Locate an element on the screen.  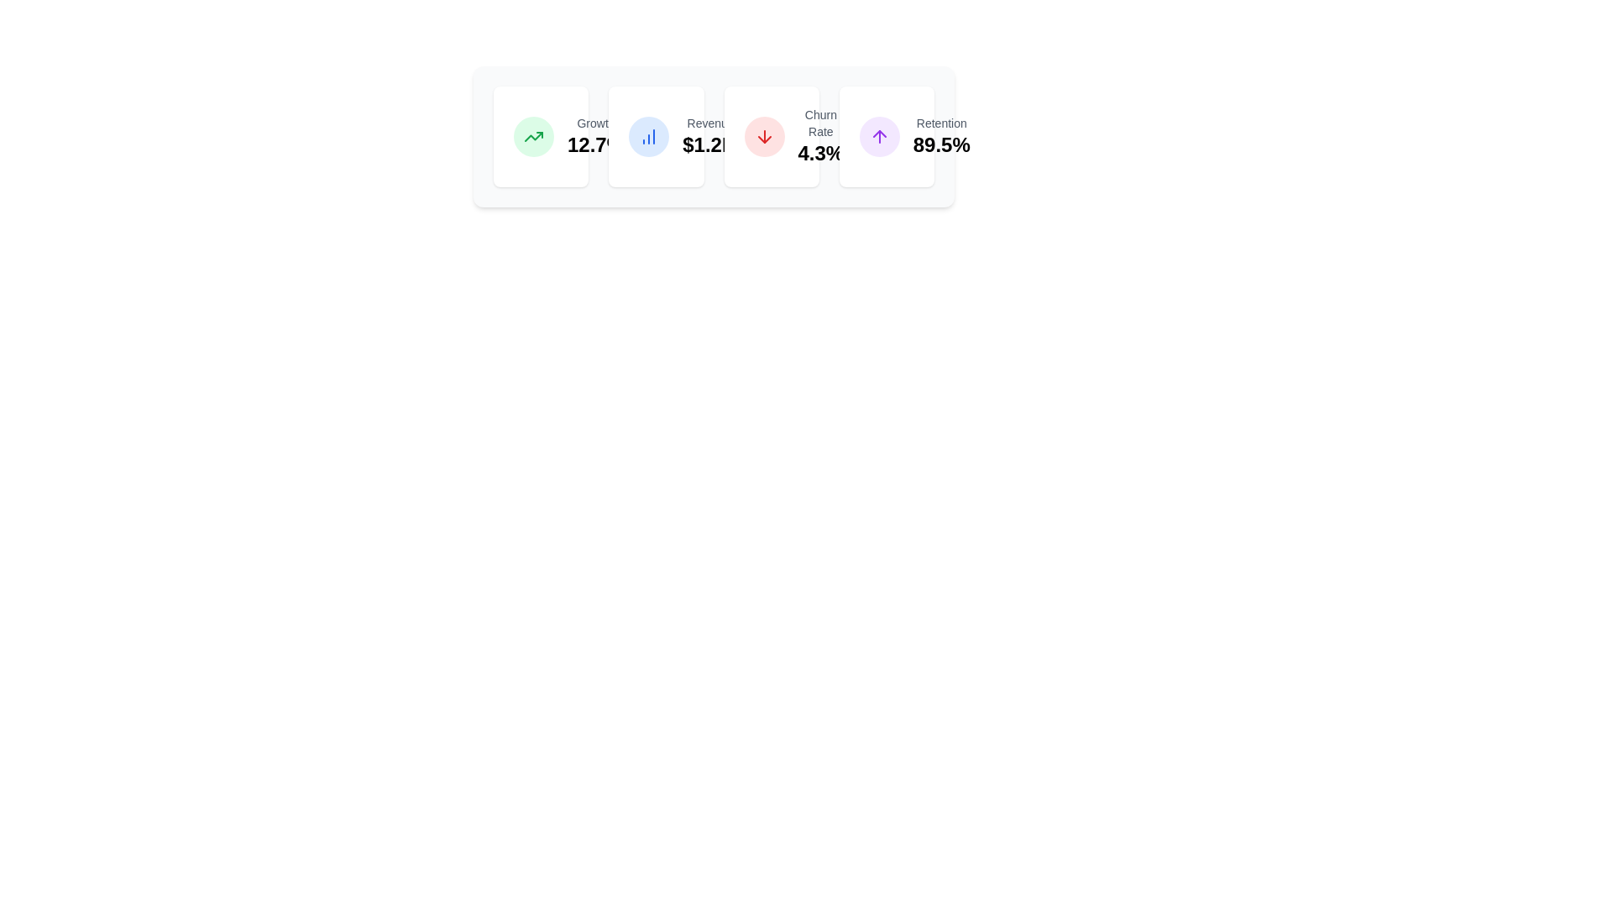
displayed information from the 'Churn Rate' informational display, which shows a percentage value of '4.3%' located in the third card of a horizontal series of four cards is located at coordinates (820, 135).